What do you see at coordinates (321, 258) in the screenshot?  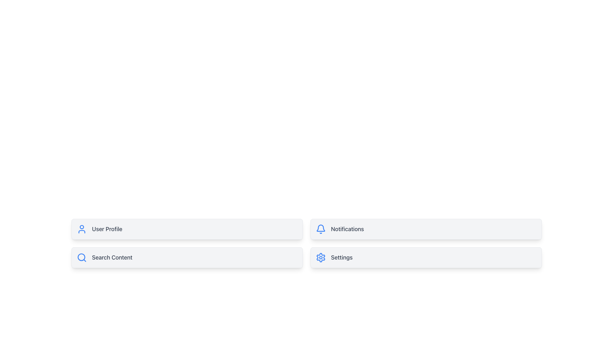 I see `the gear icon element representing 'Settings' located at the bottom-right corner of the interface` at bounding box center [321, 258].